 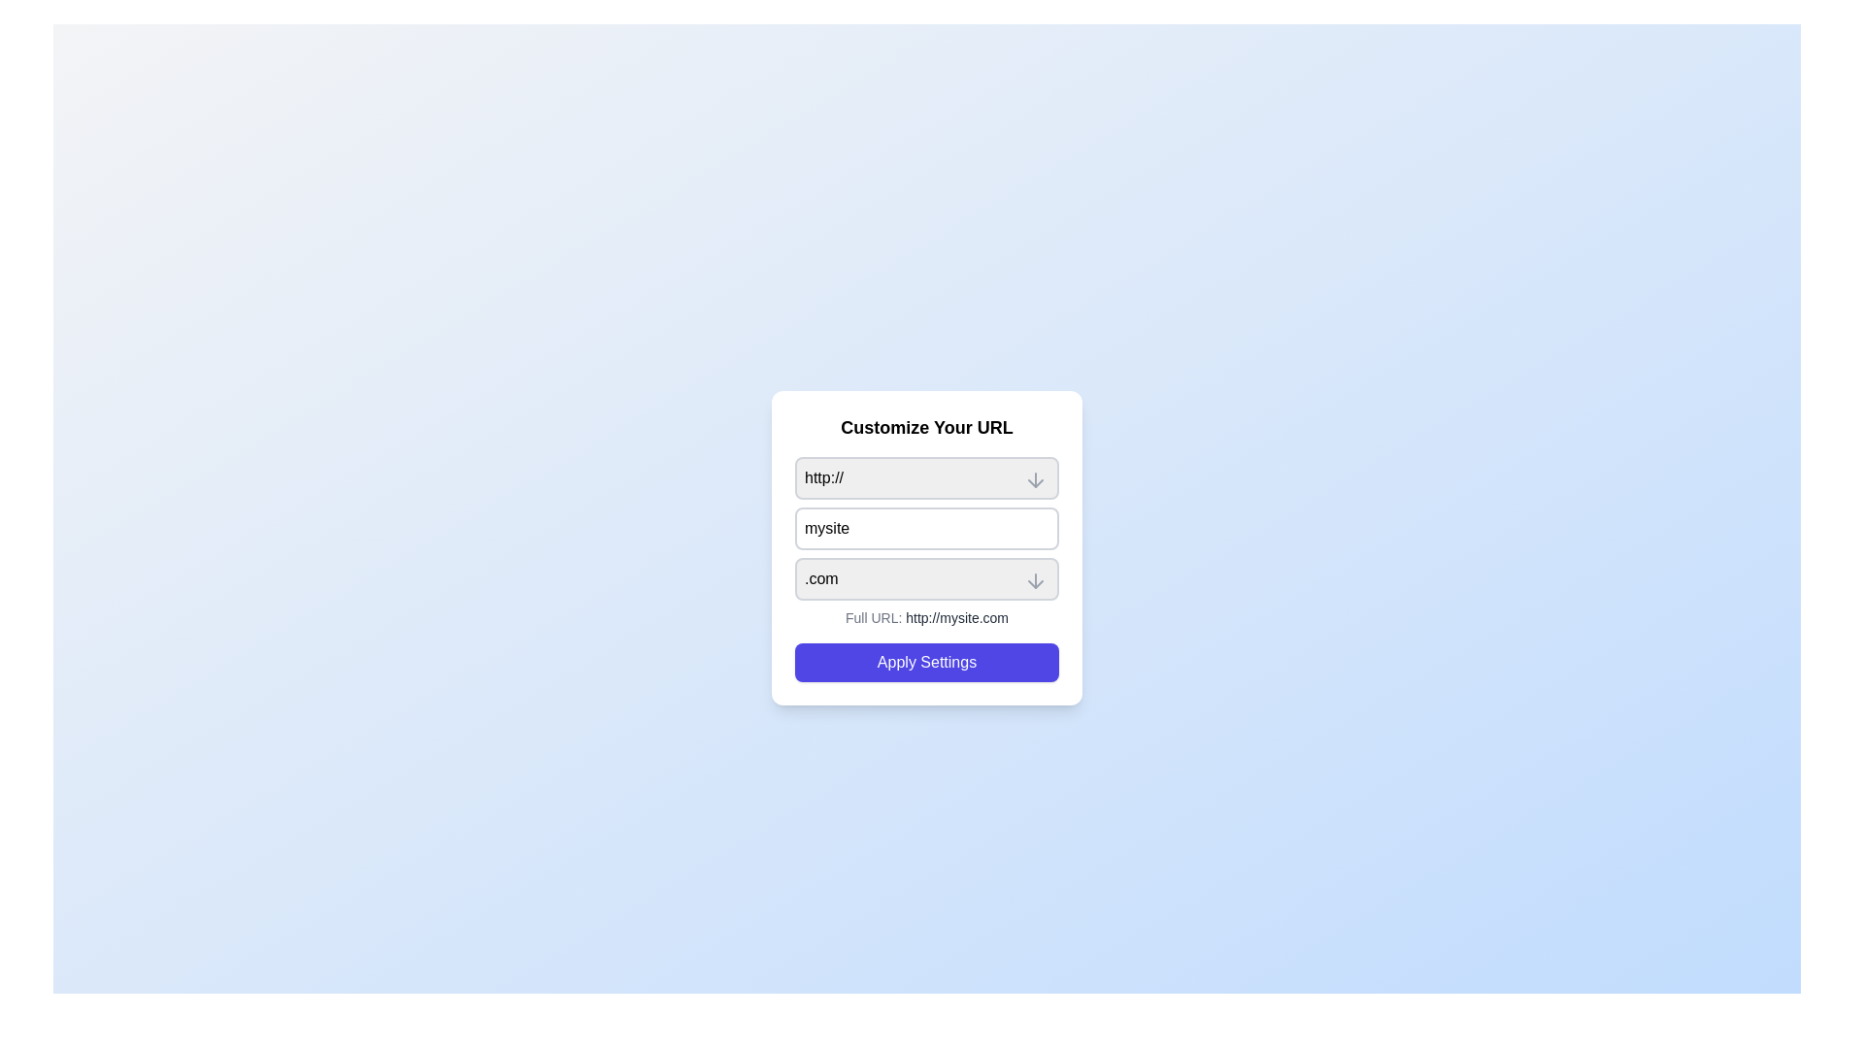 I want to click on the text label displaying 'http://mysite.com' located in the 'Customize Your URL' dialog, positioned above the 'Apply Settings' button, so click(x=957, y=617).